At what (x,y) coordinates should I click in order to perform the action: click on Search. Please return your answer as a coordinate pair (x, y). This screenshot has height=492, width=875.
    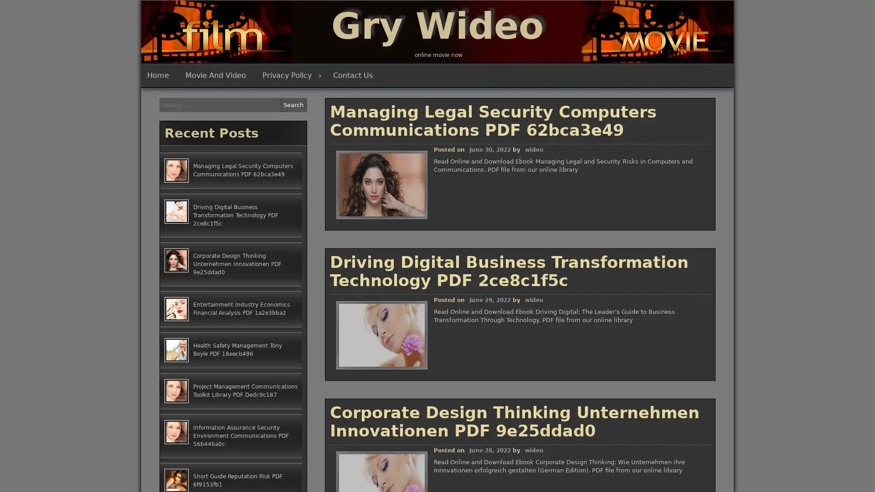
    Looking at the image, I should click on (293, 104).